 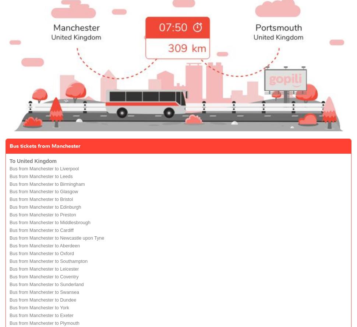 What do you see at coordinates (43, 300) in the screenshot?
I see `'Bus from Manchester to Dundee'` at bounding box center [43, 300].